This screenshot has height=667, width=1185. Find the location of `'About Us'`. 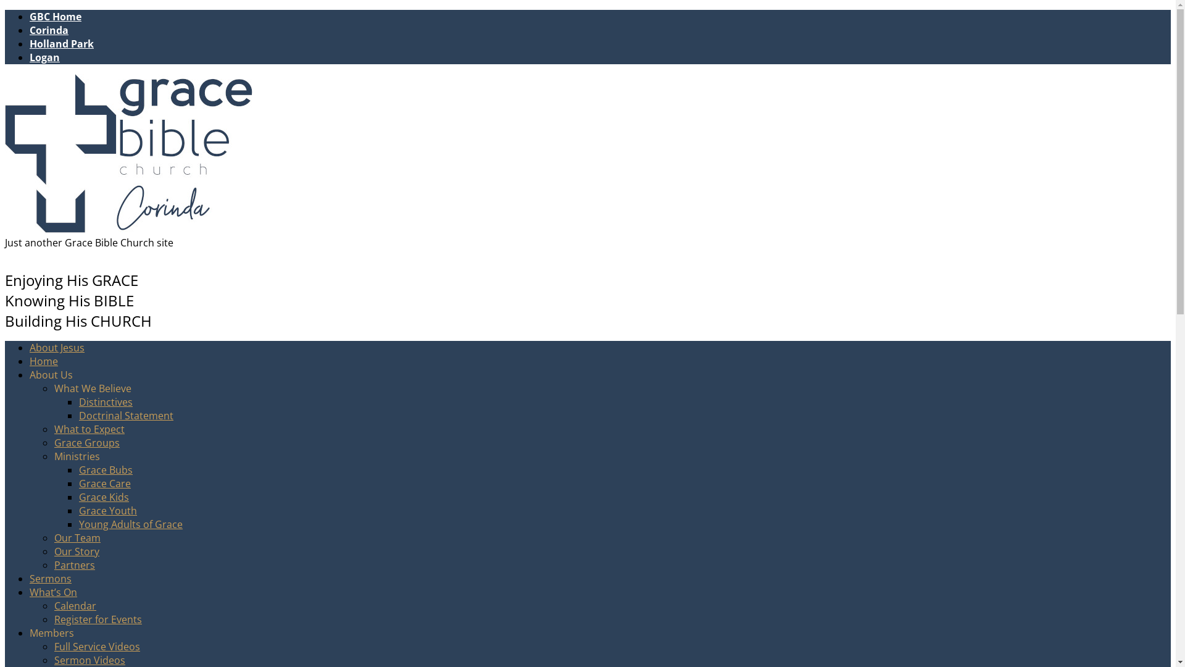

'About Us' is located at coordinates (50, 374).